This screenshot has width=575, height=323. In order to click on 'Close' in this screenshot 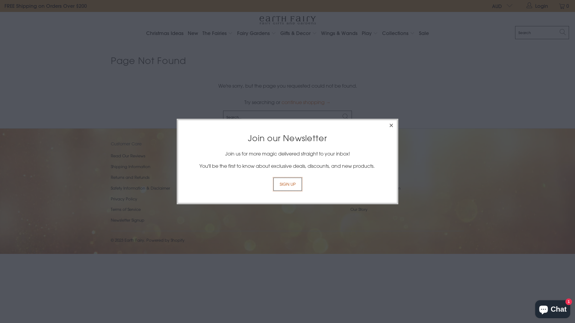, I will do `click(391, 125)`.